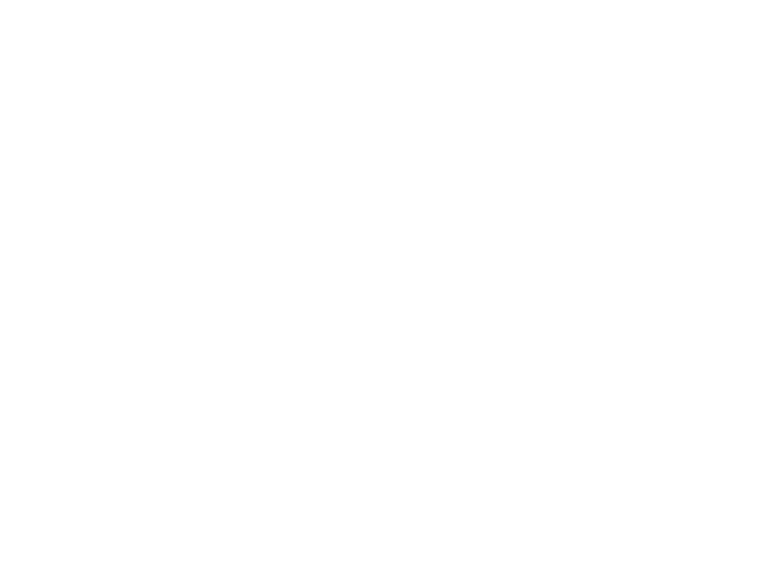 The height and width of the screenshot is (566, 765). What do you see at coordinates (217, 551) in the screenshot?
I see `'entertainment'` at bounding box center [217, 551].